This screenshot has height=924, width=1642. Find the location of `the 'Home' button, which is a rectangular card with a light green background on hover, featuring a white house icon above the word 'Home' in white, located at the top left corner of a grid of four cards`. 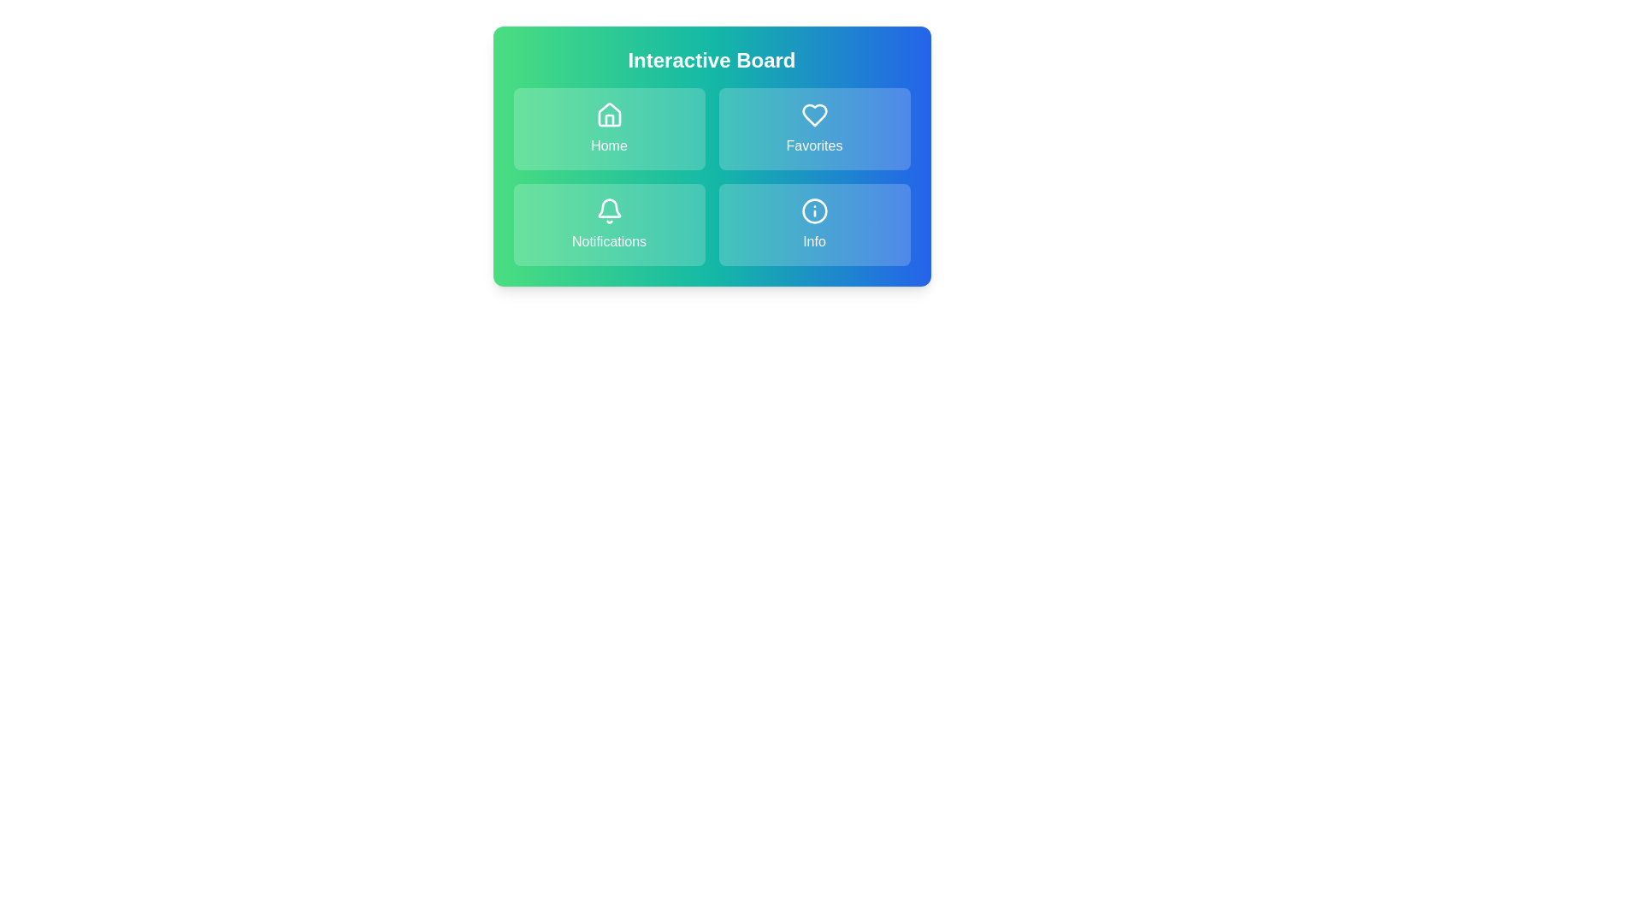

the 'Home' button, which is a rectangular card with a light green background on hover, featuring a white house icon above the word 'Home' in white, located at the top left corner of a grid of four cards is located at coordinates (609, 127).